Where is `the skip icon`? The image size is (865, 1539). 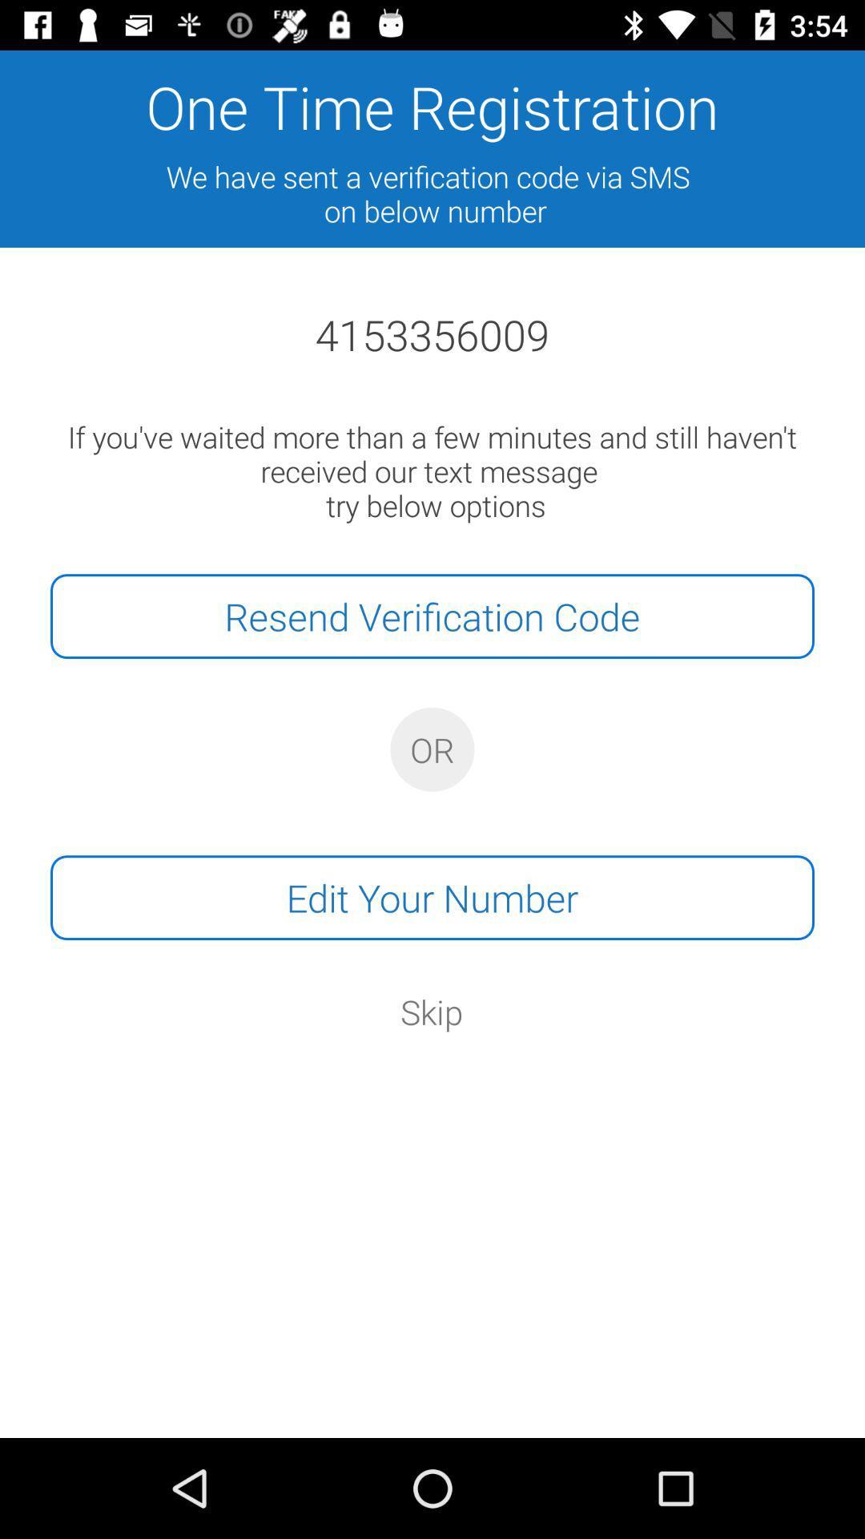 the skip icon is located at coordinates (431, 1011).